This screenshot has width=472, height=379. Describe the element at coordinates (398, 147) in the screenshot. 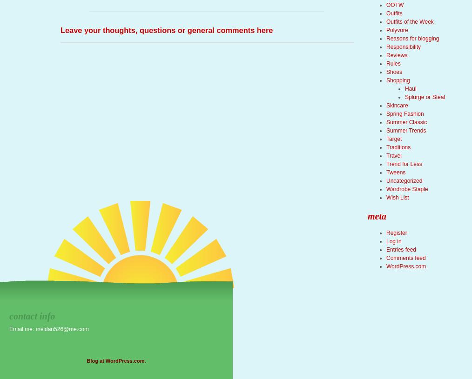

I see `'Traditions'` at that location.